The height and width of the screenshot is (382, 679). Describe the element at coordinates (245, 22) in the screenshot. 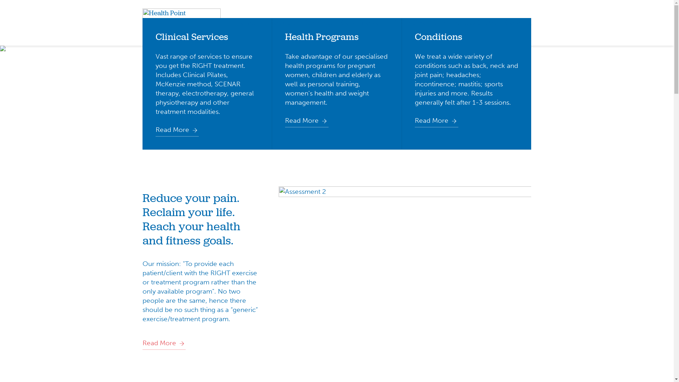

I see `'Home'` at that location.